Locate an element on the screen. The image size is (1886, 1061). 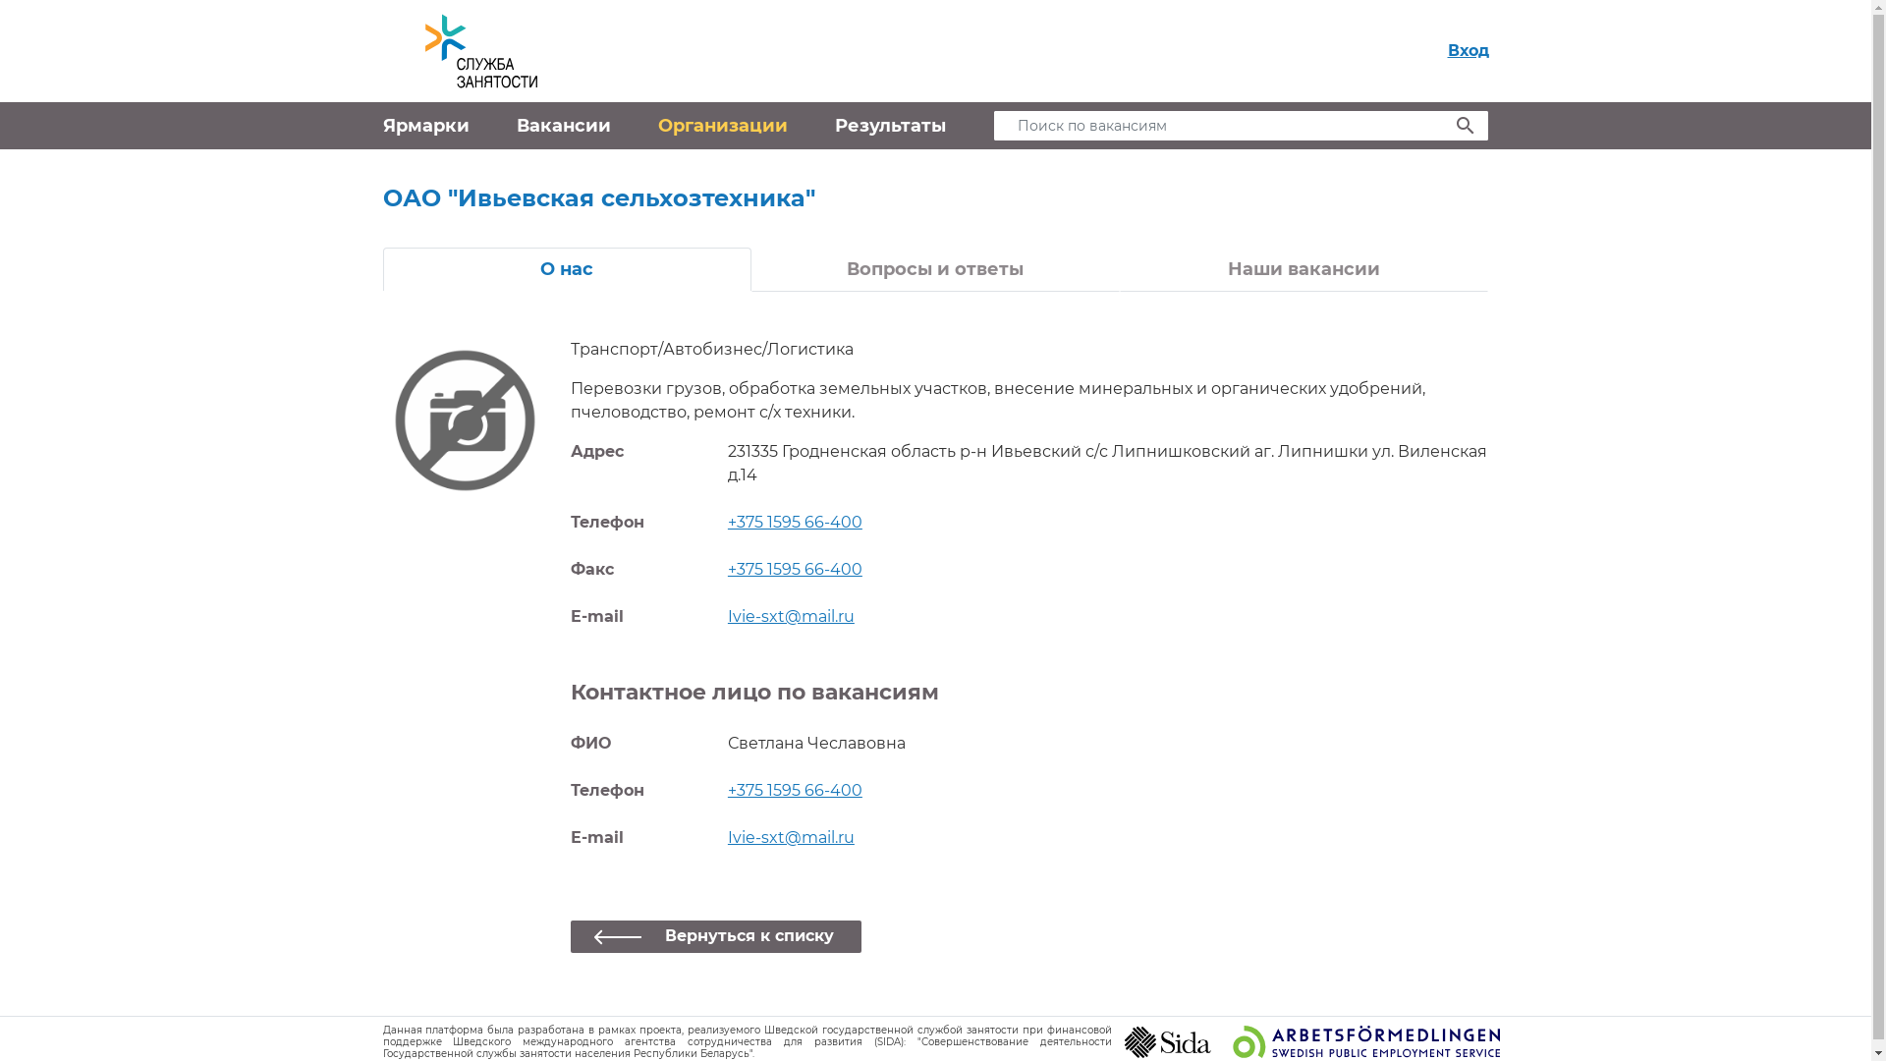
'Ivie-sxt@mail.ru' is located at coordinates (791, 615).